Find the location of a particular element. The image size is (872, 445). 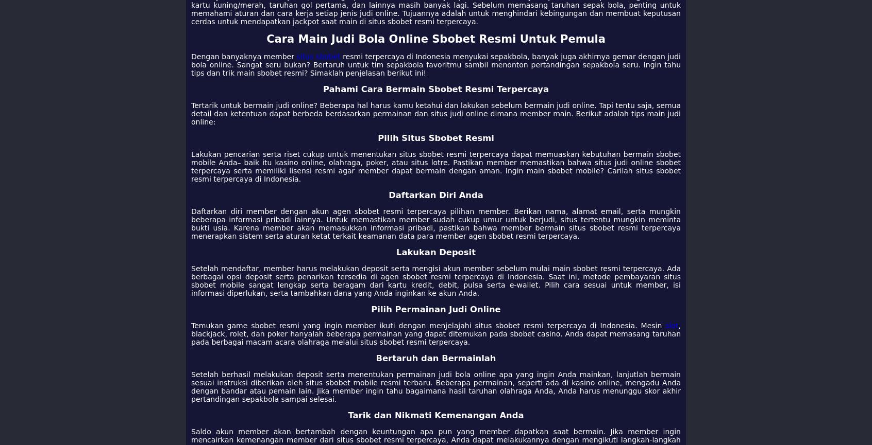

'Lakukan Deposit' is located at coordinates (435, 252).